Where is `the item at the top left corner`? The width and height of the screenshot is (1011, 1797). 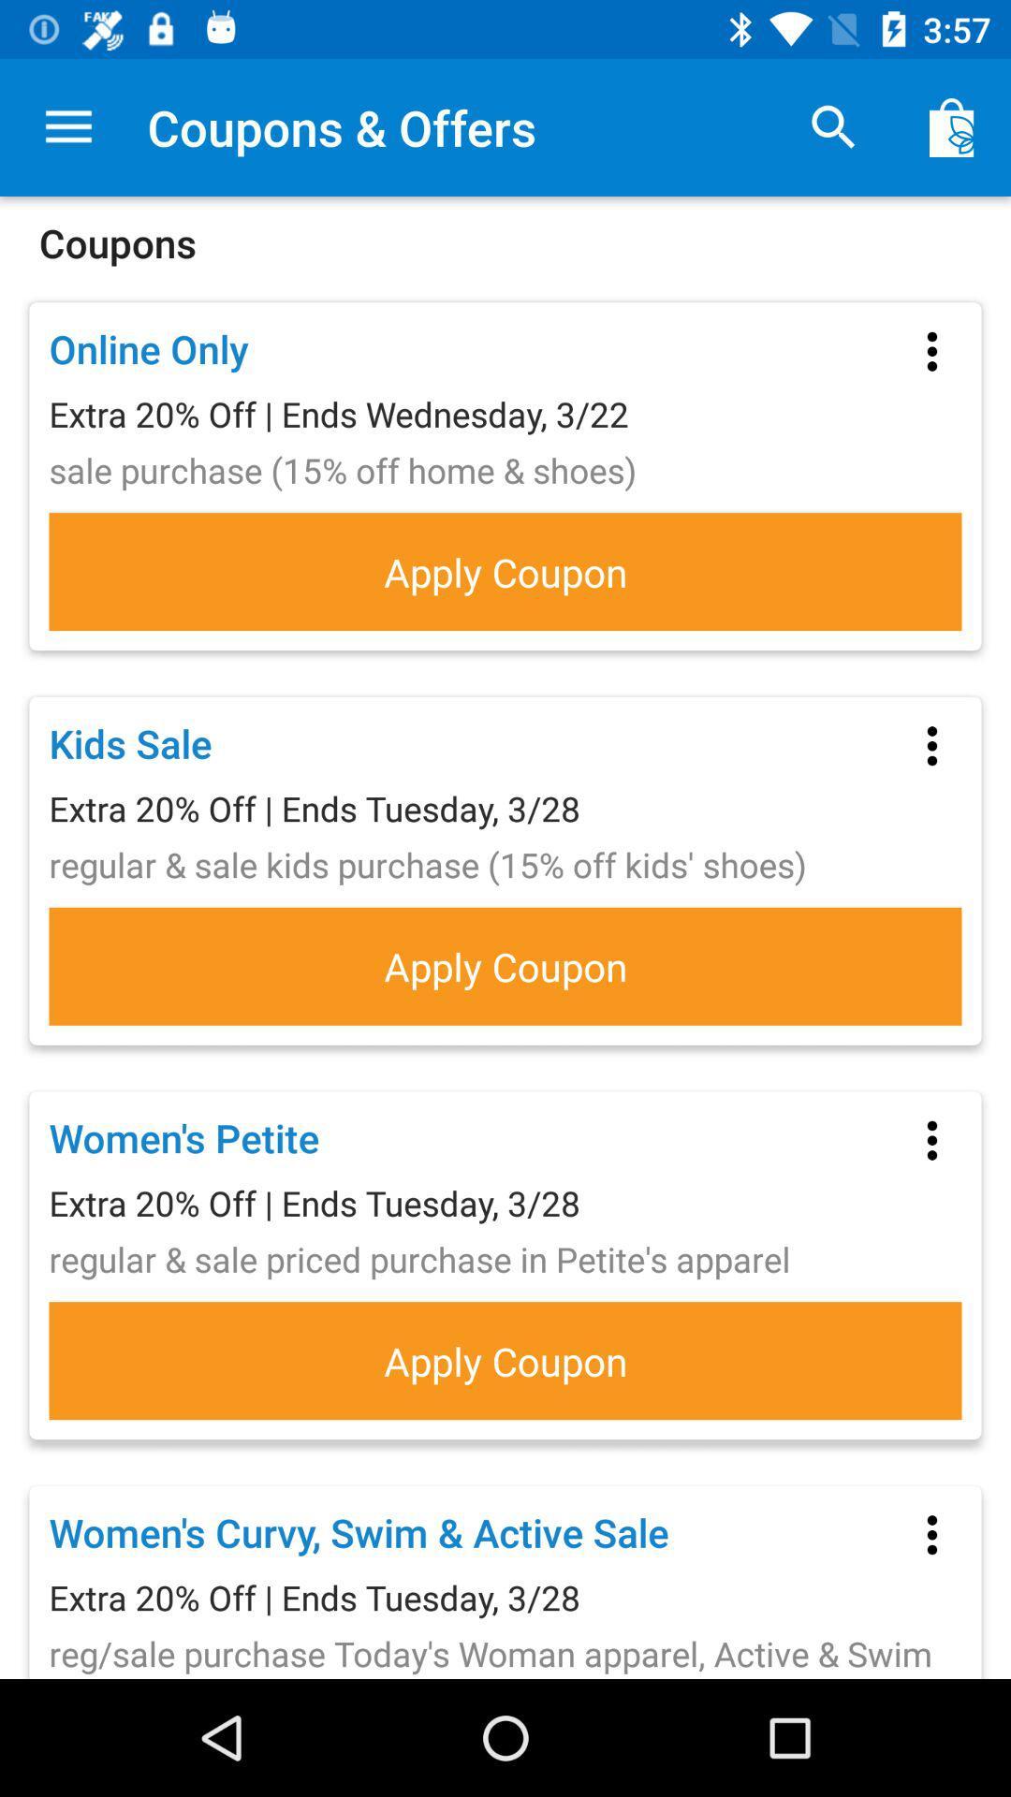 the item at the top left corner is located at coordinates (67, 126).